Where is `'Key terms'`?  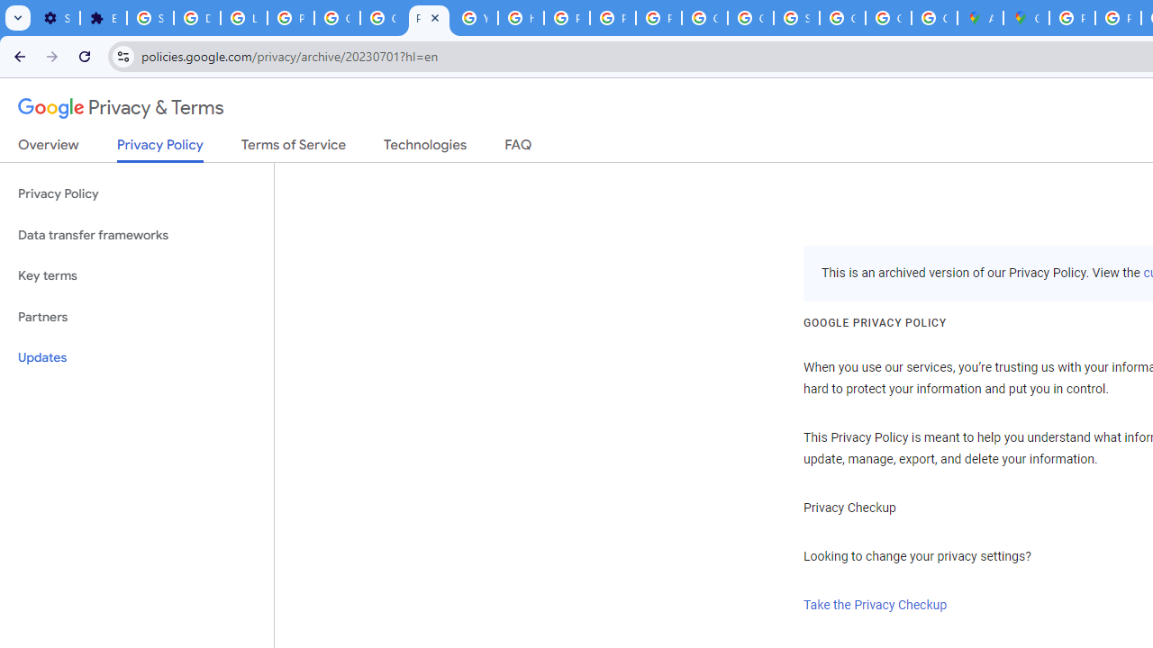 'Key terms' is located at coordinates (136, 275).